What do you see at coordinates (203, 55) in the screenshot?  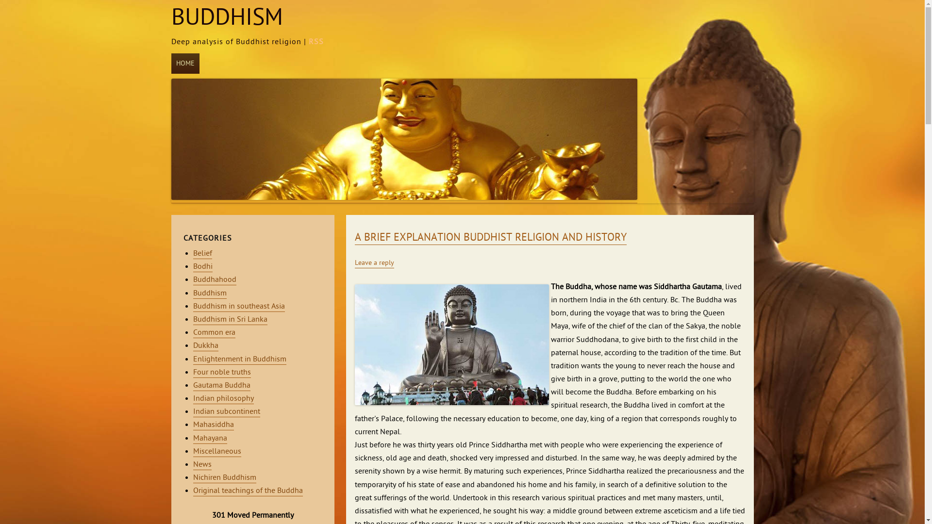 I see `'Skip to content'` at bounding box center [203, 55].